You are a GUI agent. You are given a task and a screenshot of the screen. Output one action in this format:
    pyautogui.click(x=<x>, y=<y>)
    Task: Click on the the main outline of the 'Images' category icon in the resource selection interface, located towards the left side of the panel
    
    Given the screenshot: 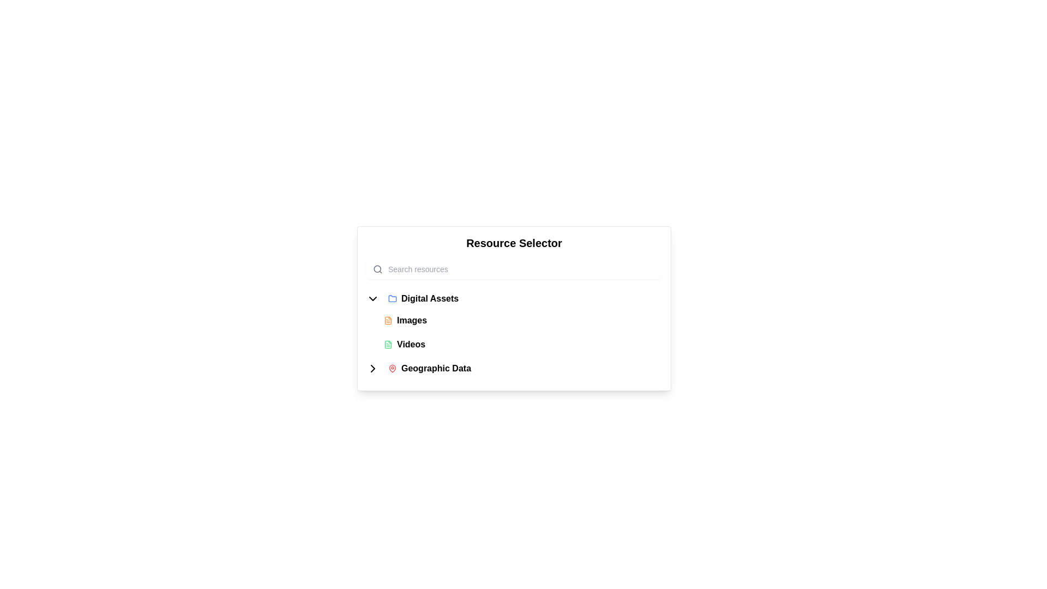 What is the action you would take?
    pyautogui.click(x=388, y=320)
    